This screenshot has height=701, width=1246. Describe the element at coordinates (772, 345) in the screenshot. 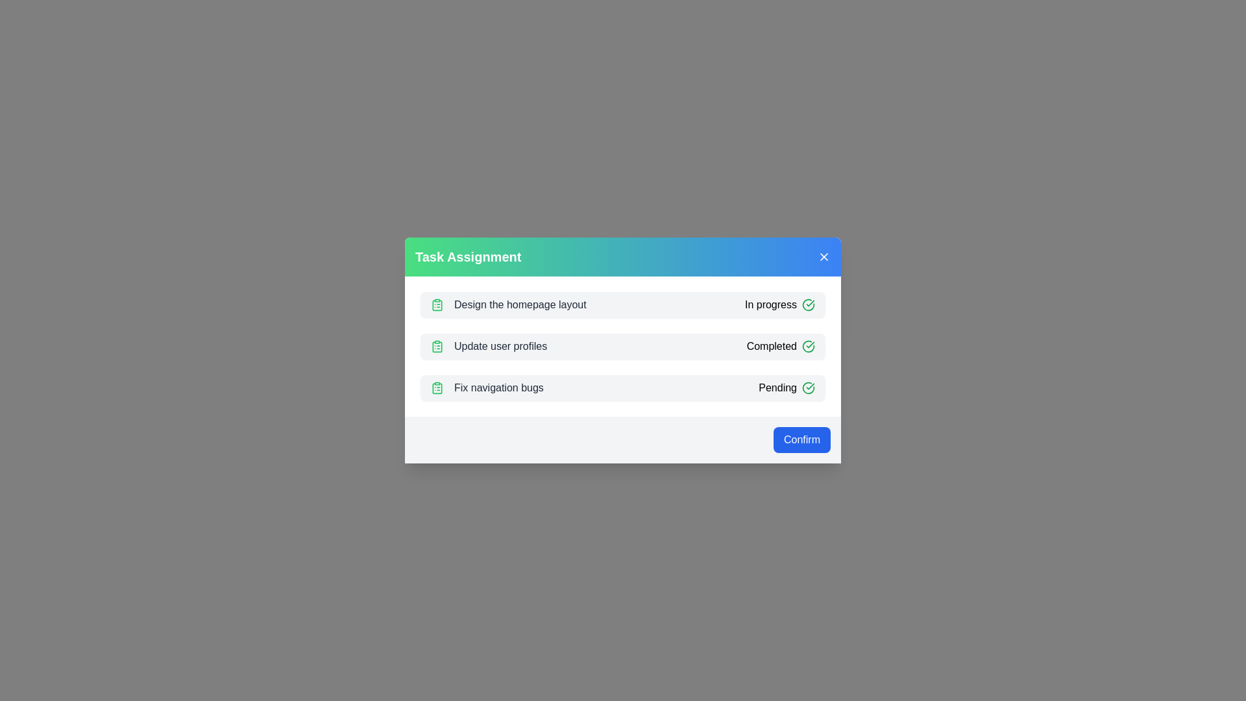

I see `the 'Completed' text label in the status column of the 'Task Assignment' modal, which indicates that the task 'Update user profiles' is finalized` at that location.